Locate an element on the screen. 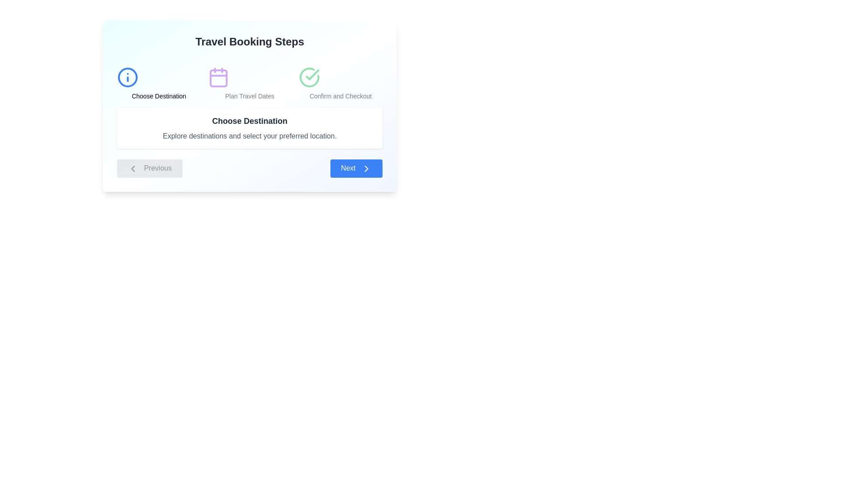 This screenshot has height=481, width=855. the completion icon for the 'Confirm and Checkout' step located at the top-center of the modal interface is located at coordinates (309, 77).